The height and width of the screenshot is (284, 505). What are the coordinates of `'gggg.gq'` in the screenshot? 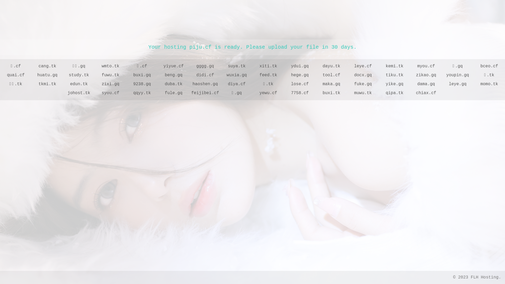 It's located at (189, 66).